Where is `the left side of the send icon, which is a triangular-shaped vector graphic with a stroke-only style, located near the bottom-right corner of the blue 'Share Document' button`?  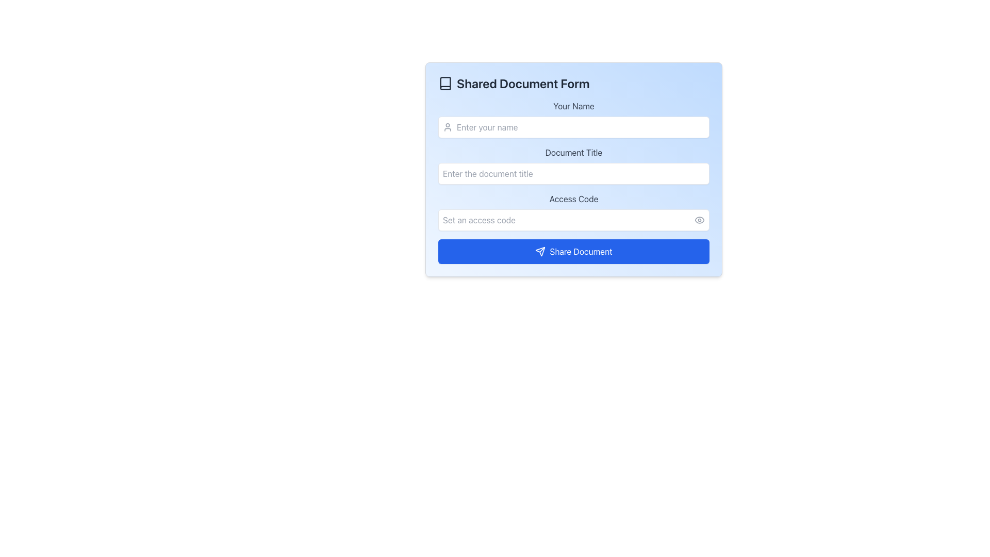 the left side of the send icon, which is a triangular-shaped vector graphic with a stroke-only style, located near the bottom-right corner of the blue 'Share Document' button is located at coordinates (540, 252).